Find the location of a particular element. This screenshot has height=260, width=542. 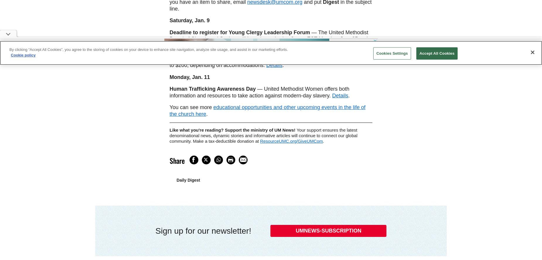

'in Washington. New Monasticism pioneer Shane Claiborne will be among the speakers. Space is limited to 70 ordained elders or deacons age 35 and younger who have not previously attended. Costs range from $80 to $200, depending on accommodations.' is located at coordinates (270, 55).